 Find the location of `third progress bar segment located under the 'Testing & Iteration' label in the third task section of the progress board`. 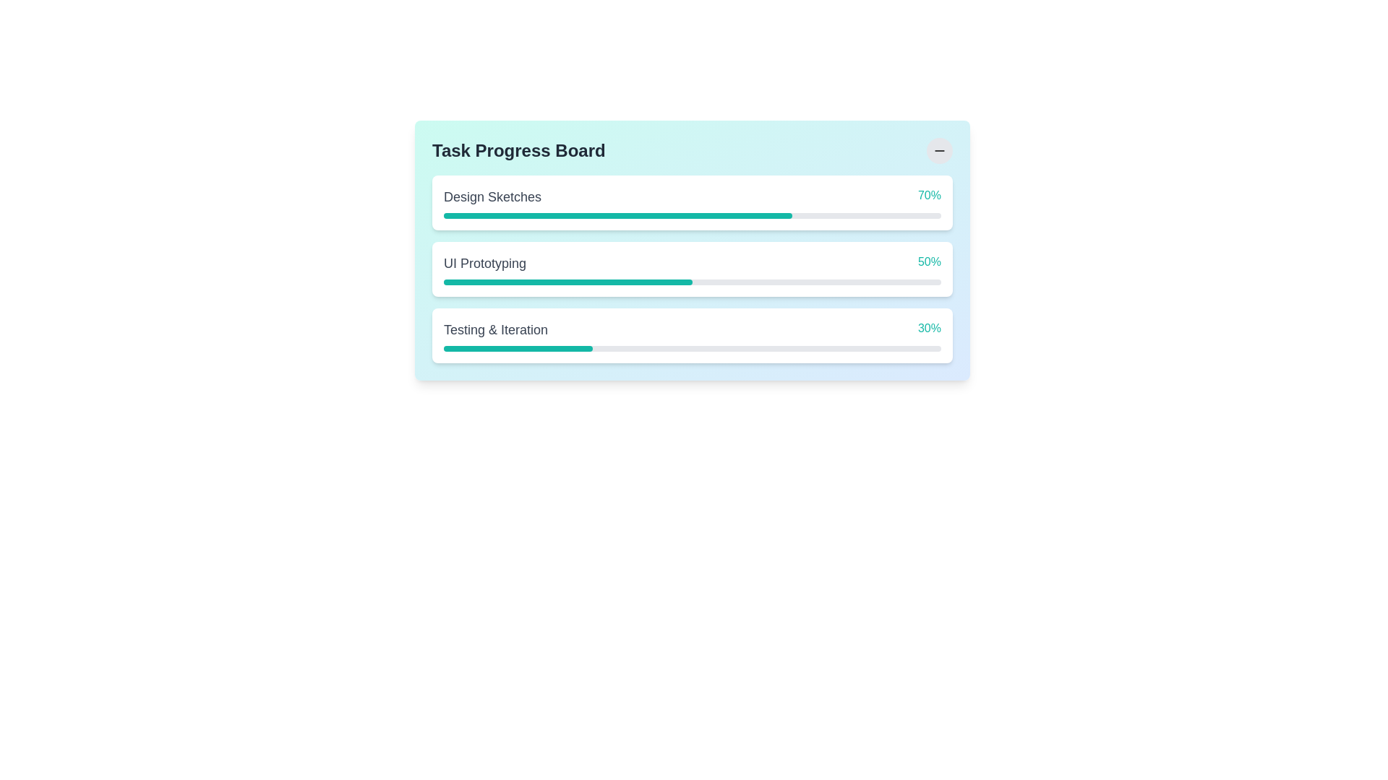

third progress bar segment located under the 'Testing & Iteration' label in the third task section of the progress board is located at coordinates (518, 348).